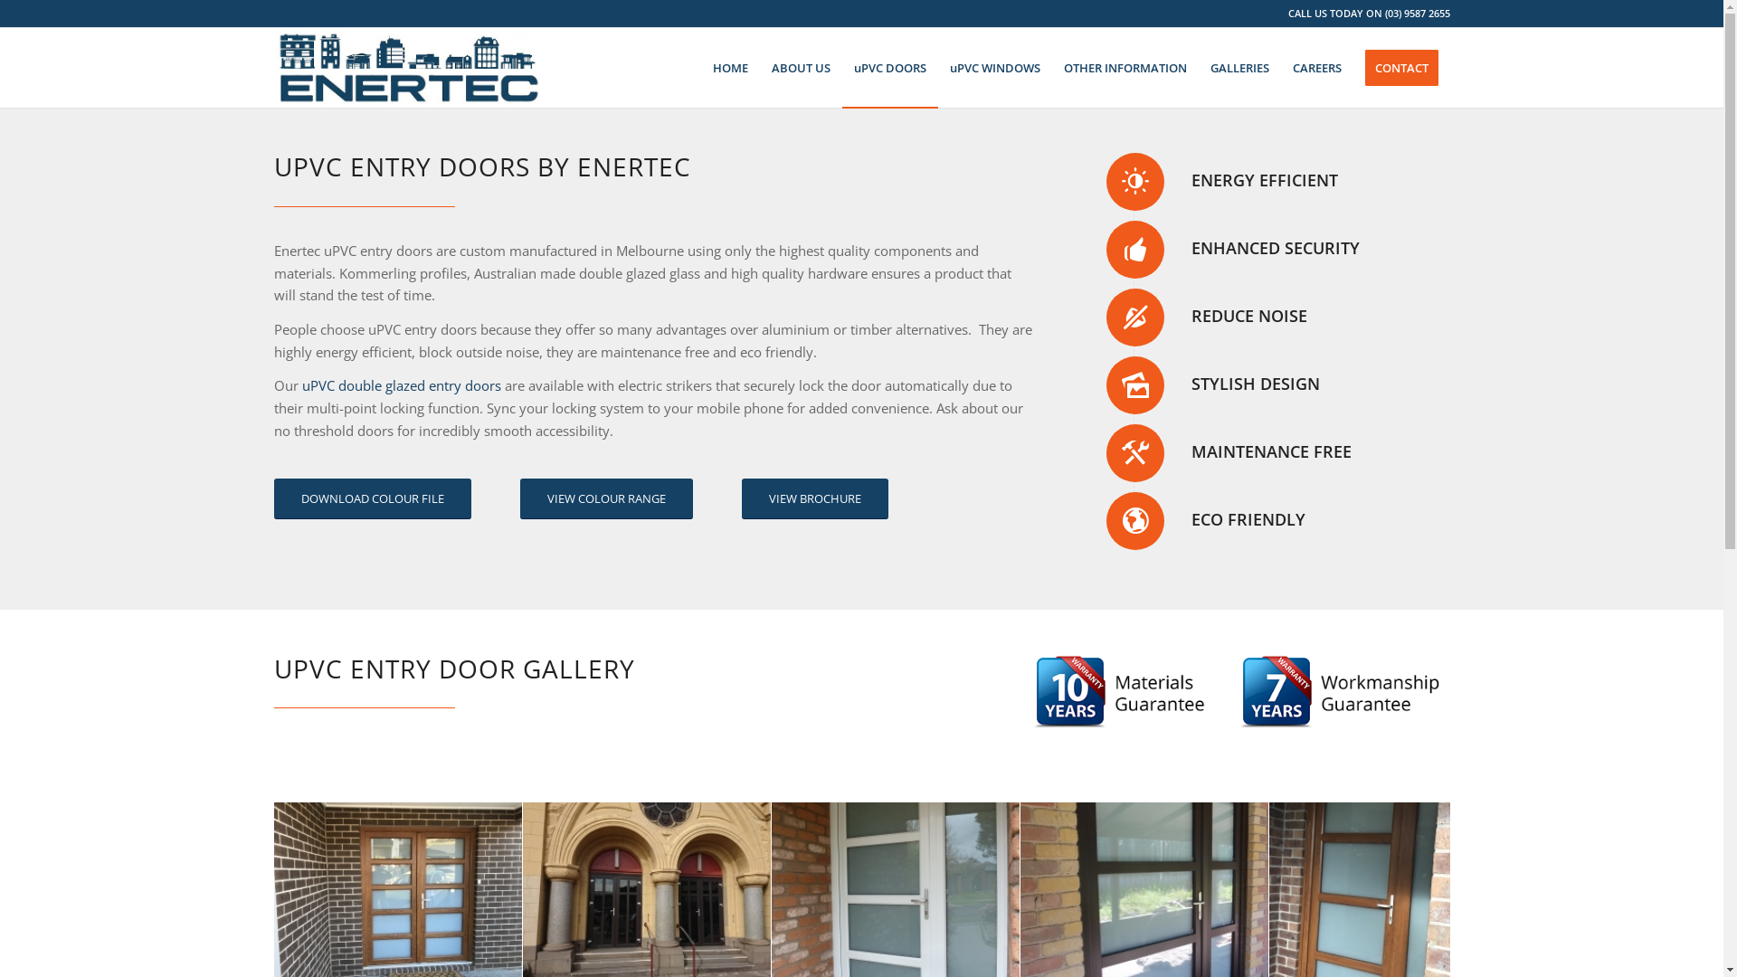  I want to click on 'uPVC double glazed entry doors', so click(400, 384).